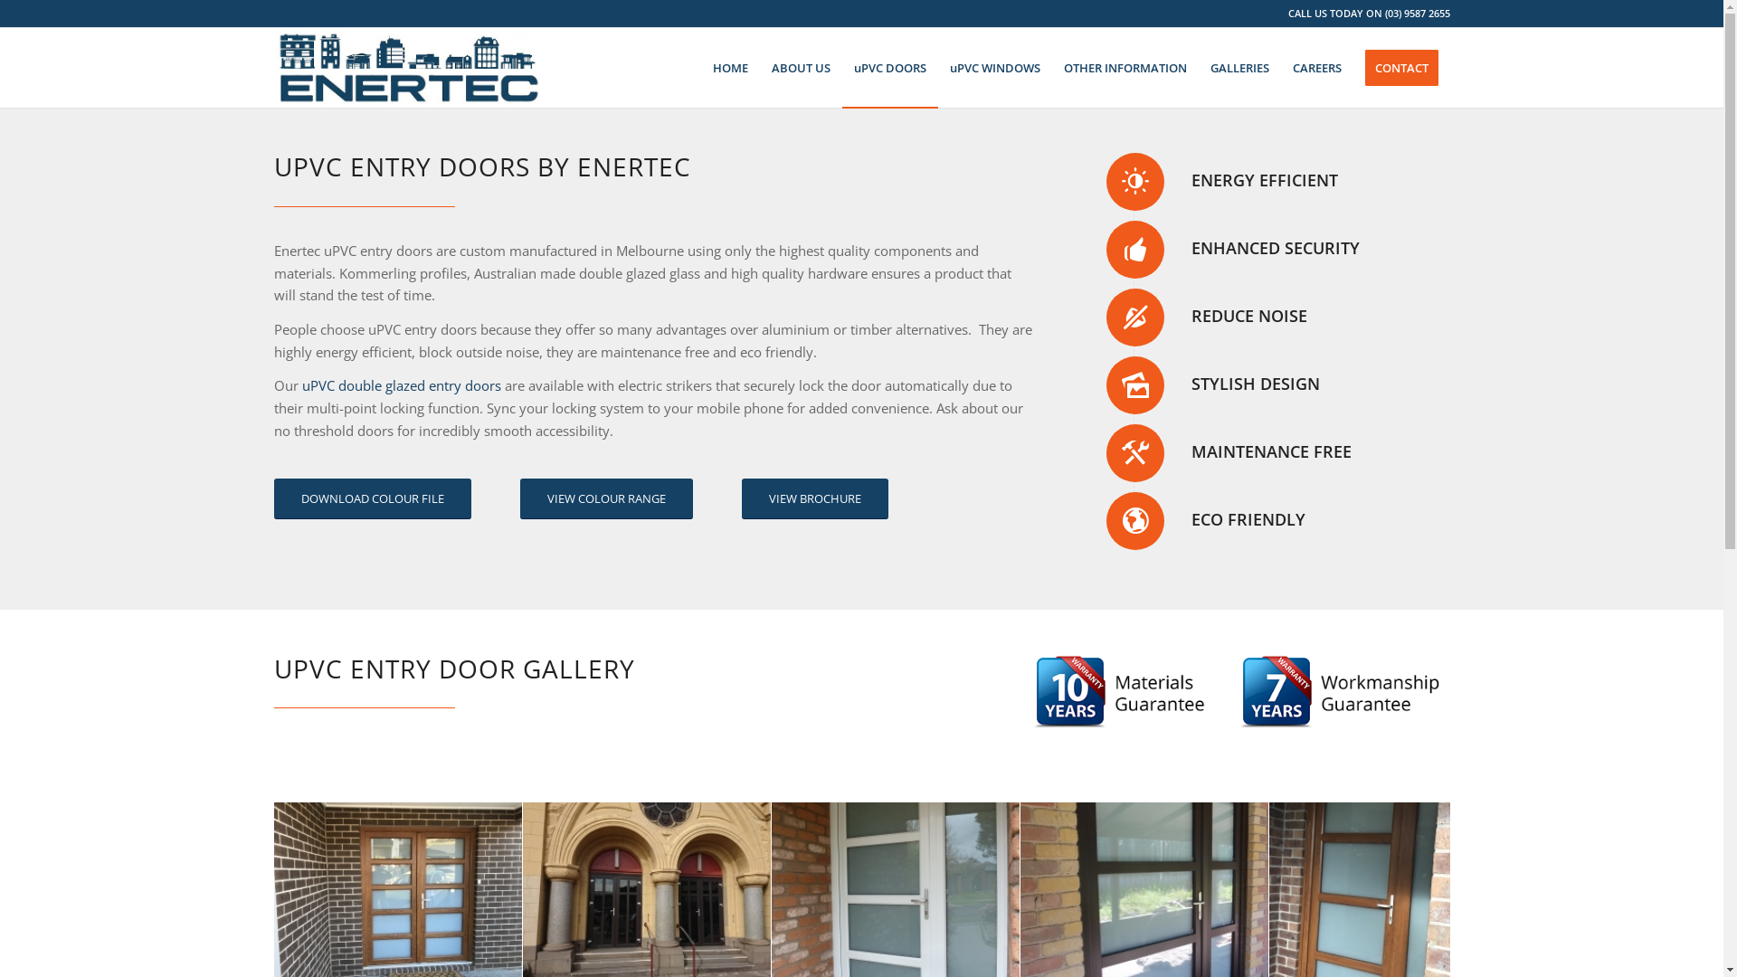  I want to click on 'uPVC double glazed entry doors', so click(400, 384).